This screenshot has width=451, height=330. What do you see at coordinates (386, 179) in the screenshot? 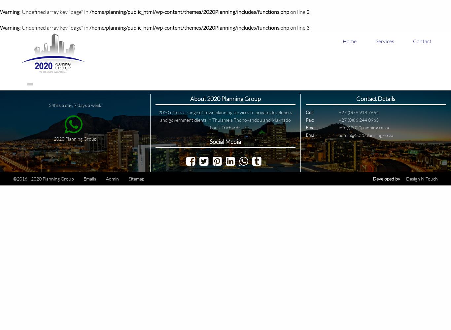
I see `'Developed by'` at bounding box center [386, 179].